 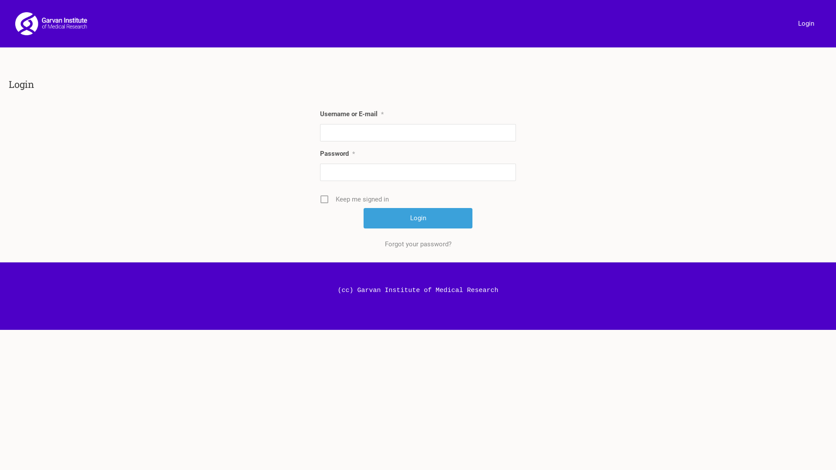 What do you see at coordinates (418, 218) in the screenshot?
I see `'Login'` at bounding box center [418, 218].